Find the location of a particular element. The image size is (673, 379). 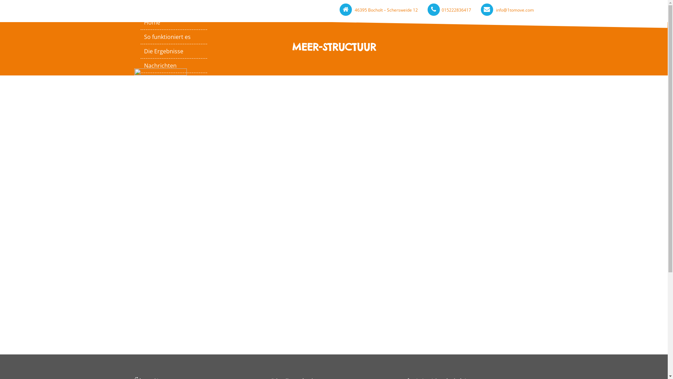

'Home' is located at coordinates (174, 22).